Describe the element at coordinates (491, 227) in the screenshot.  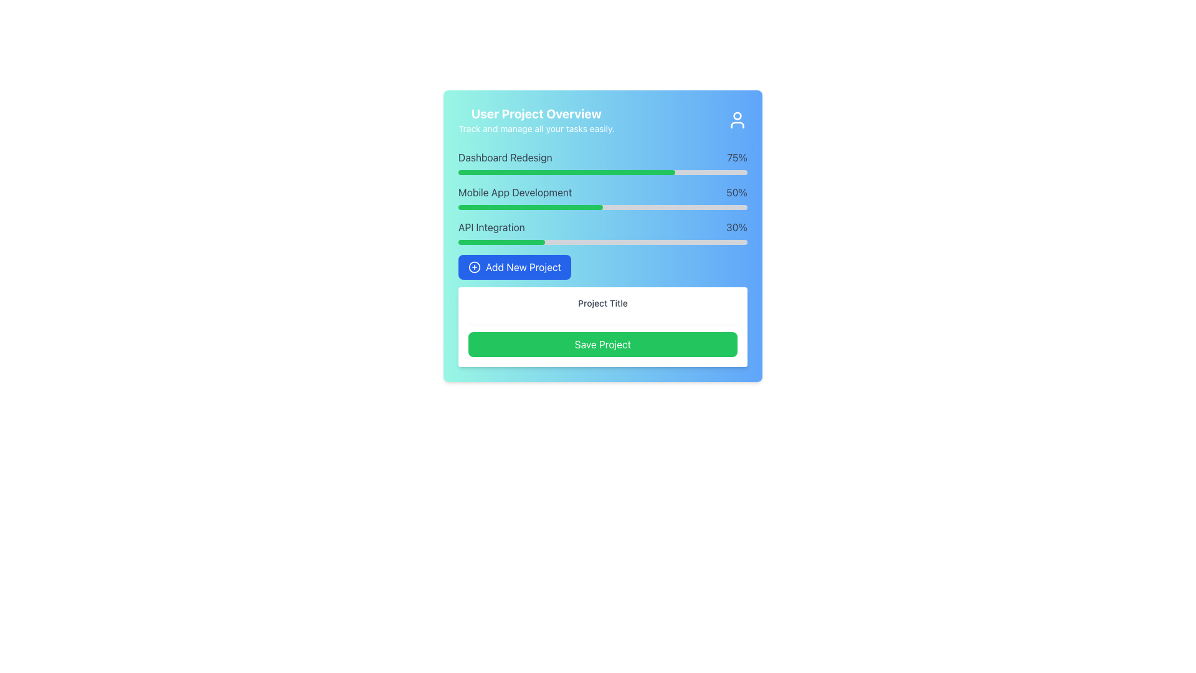
I see `the label describing the progress bar for 'API Integration', which is located in the third line of the progress overview section` at that location.